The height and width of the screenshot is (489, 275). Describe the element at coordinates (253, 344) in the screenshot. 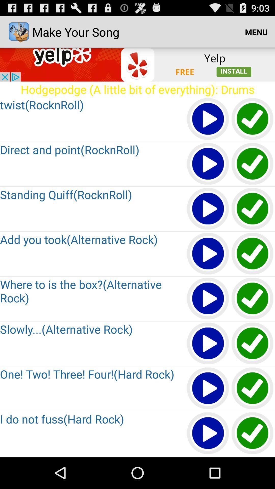

I see `ok` at that location.